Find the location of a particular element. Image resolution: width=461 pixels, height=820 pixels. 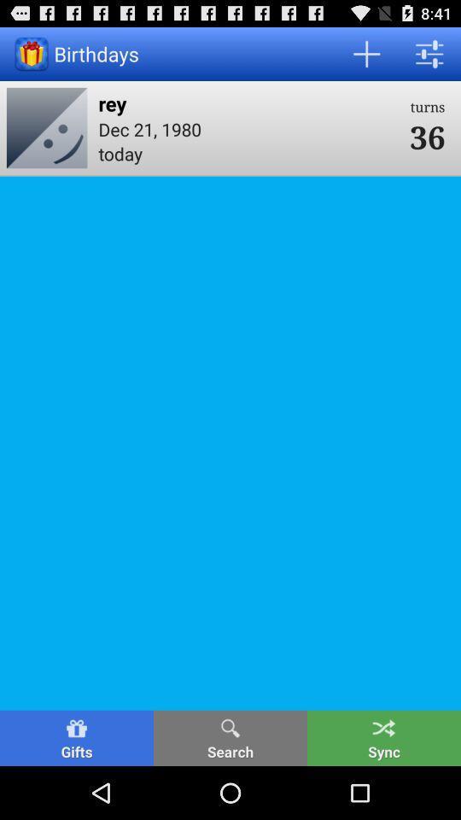

rey item is located at coordinates (248, 102).